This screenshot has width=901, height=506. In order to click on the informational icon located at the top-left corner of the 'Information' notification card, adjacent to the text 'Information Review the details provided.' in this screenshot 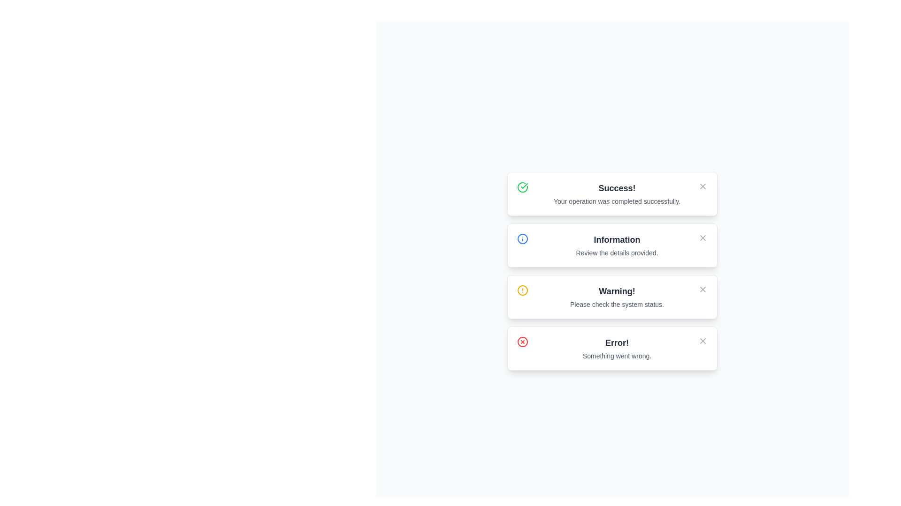, I will do `click(522, 238)`.